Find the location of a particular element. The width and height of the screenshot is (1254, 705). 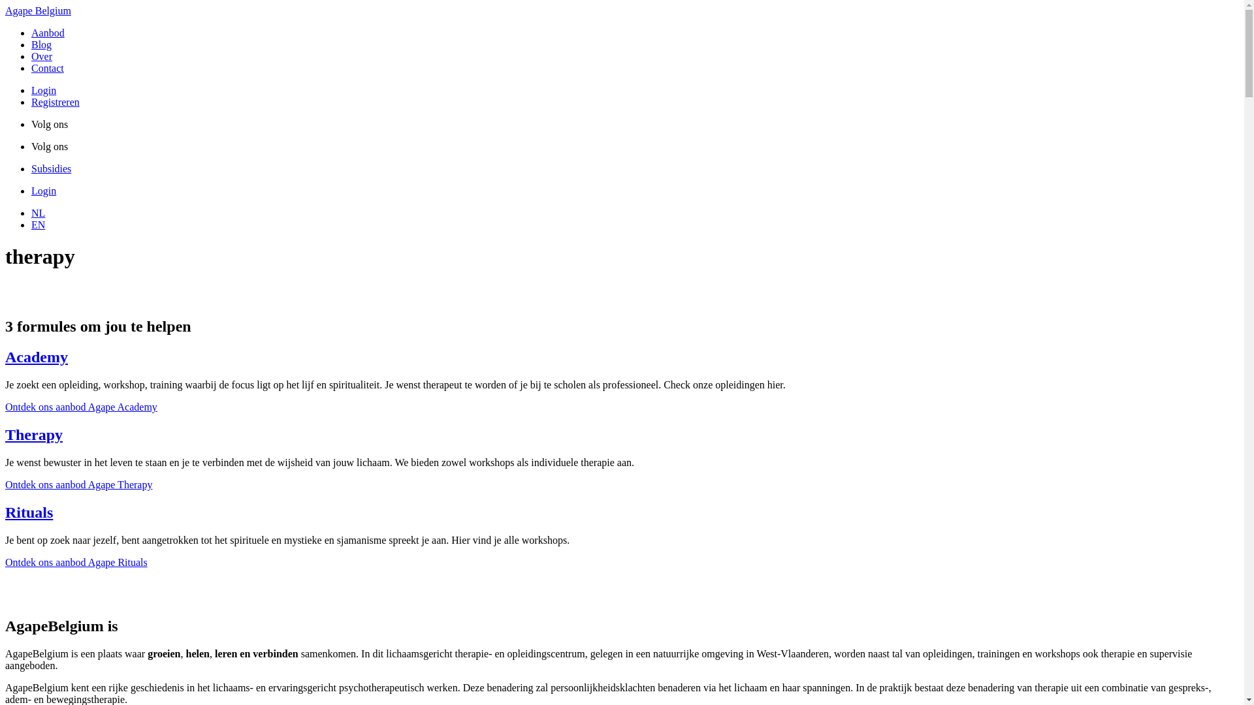

'Over' is located at coordinates (41, 55).